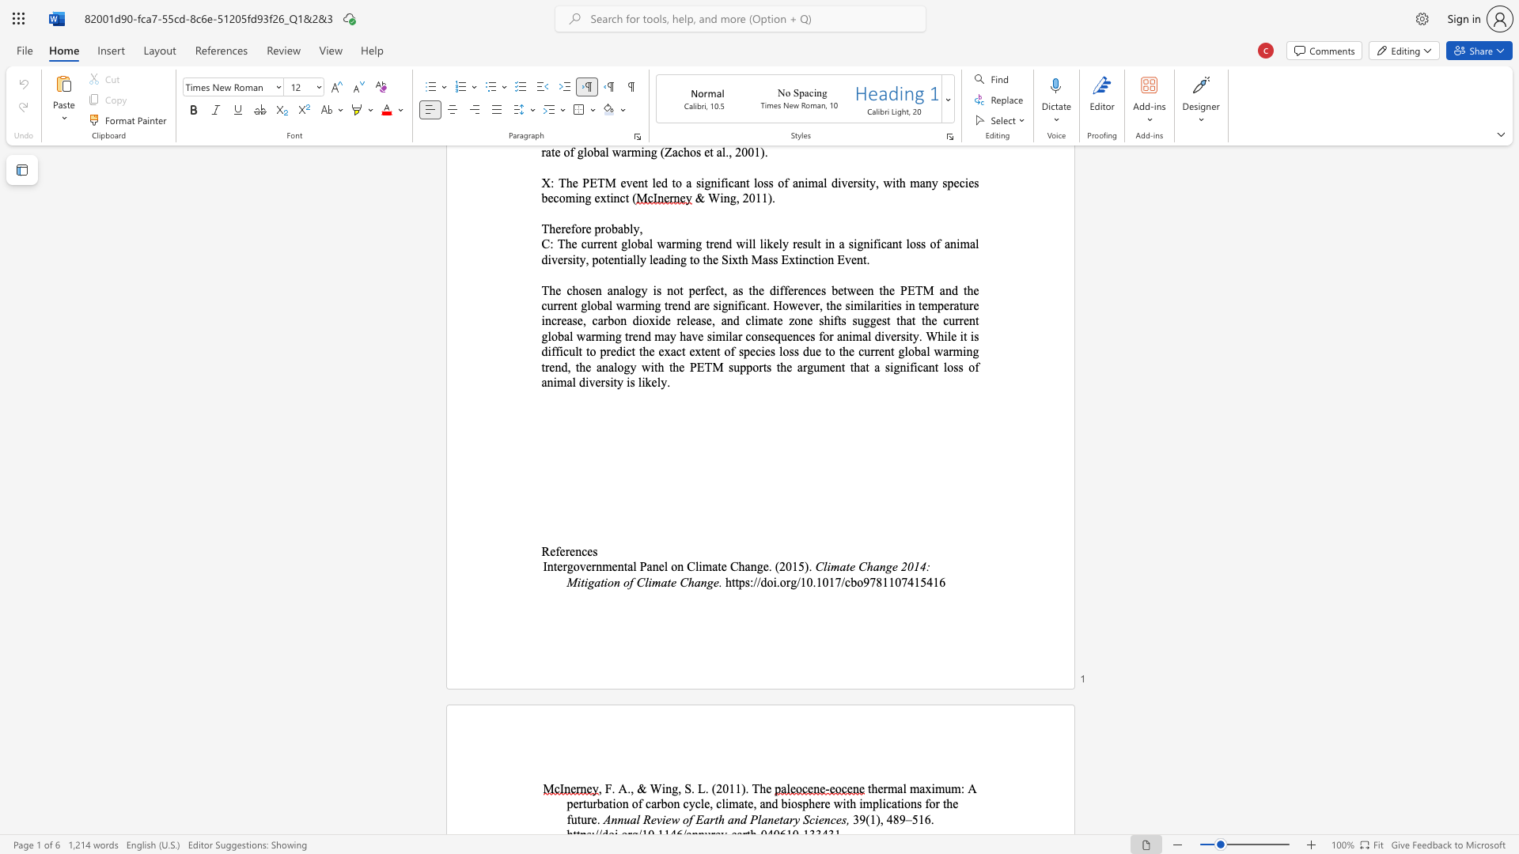 The width and height of the screenshot is (1519, 854). Describe the element at coordinates (798, 582) in the screenshot. I see `the 3th character "/" in the text` at that location.